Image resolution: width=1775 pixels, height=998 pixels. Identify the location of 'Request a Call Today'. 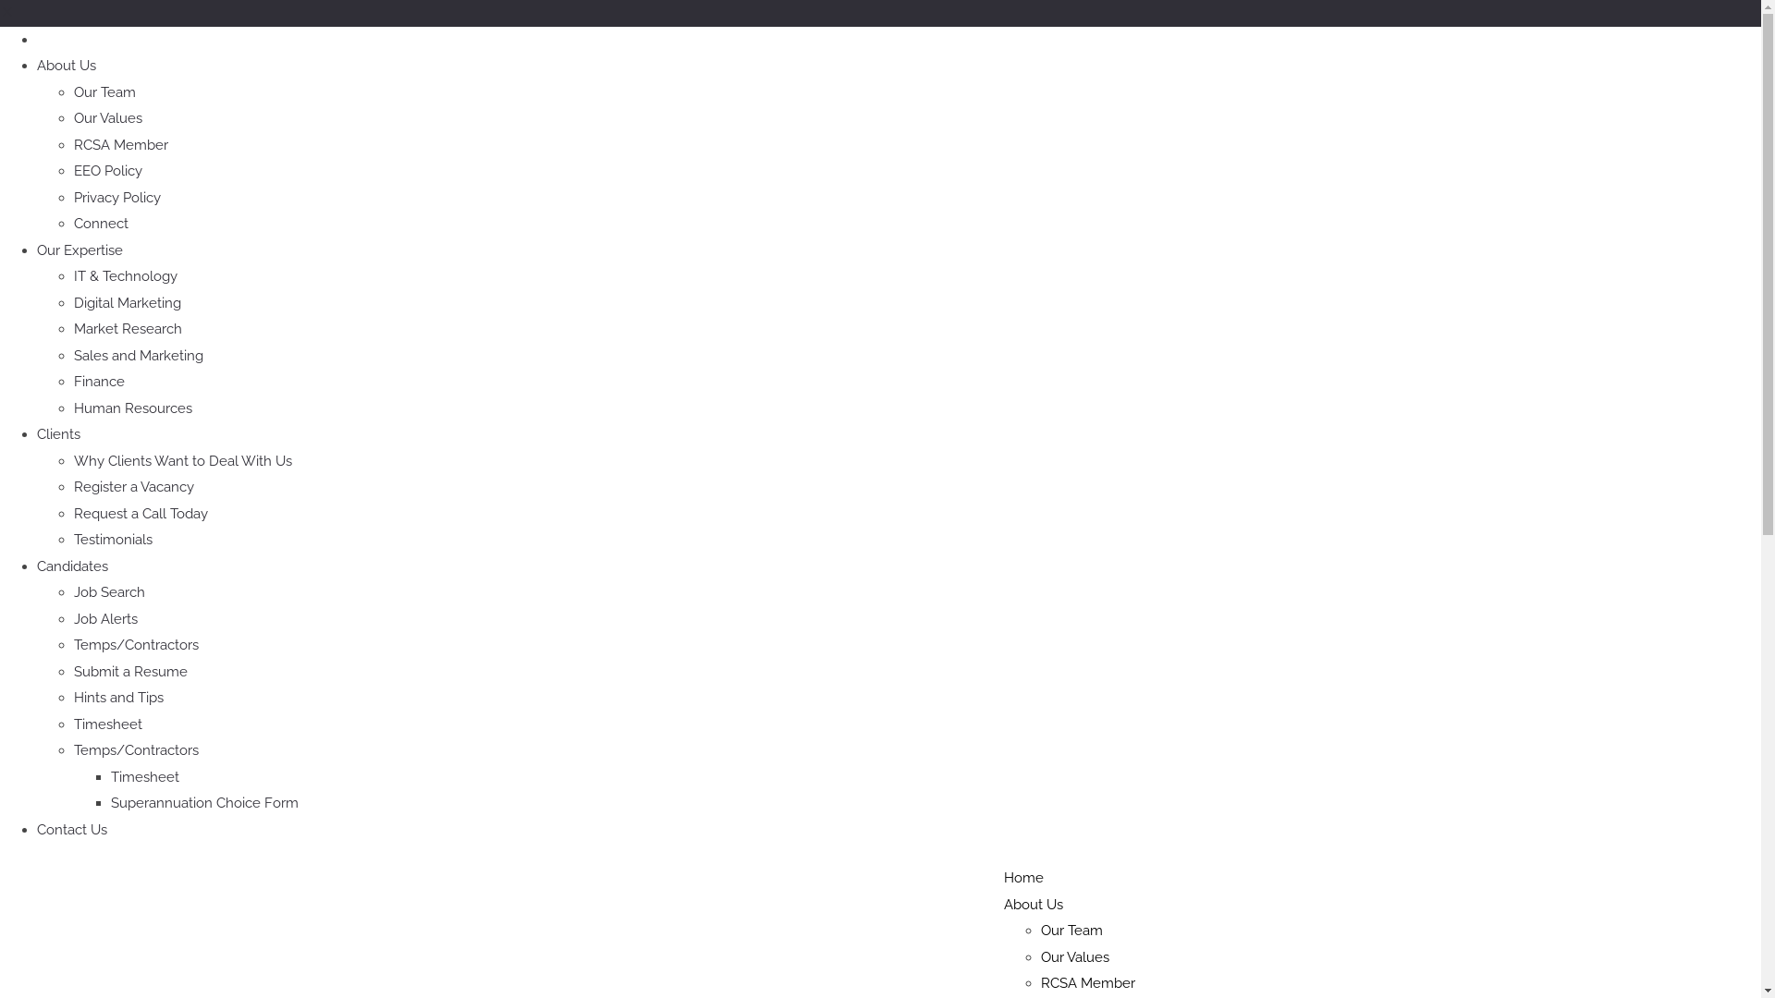
(140, 513).